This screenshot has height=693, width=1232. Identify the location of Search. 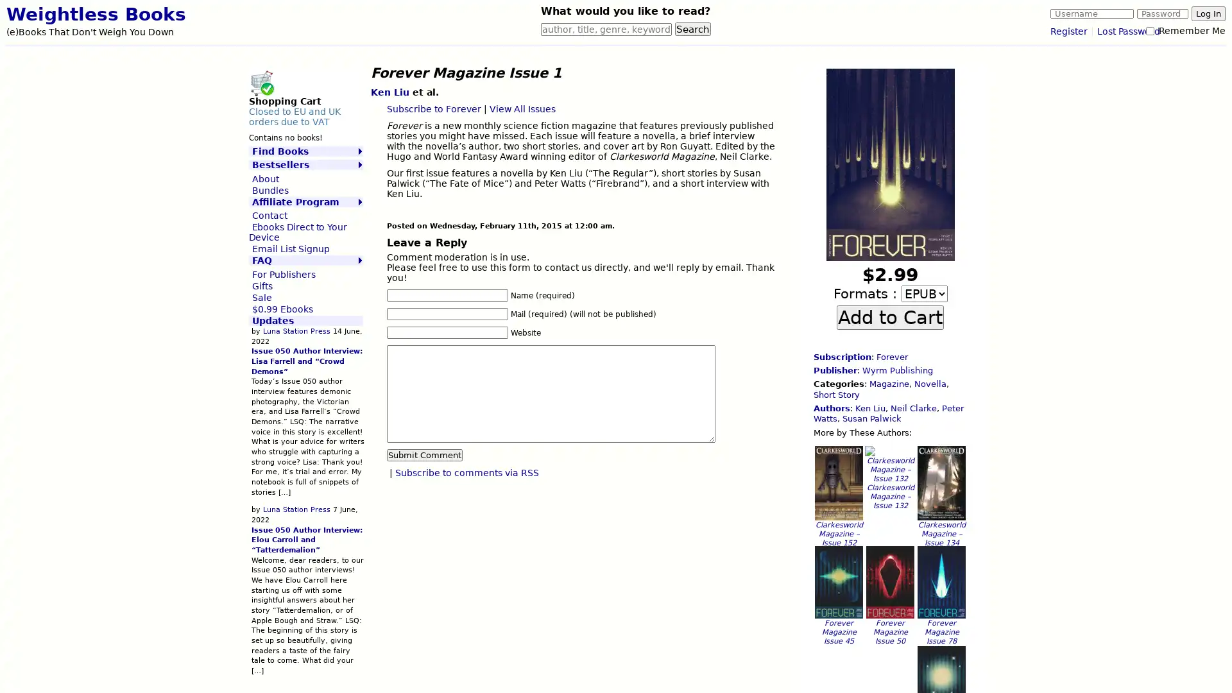
(692, 29).